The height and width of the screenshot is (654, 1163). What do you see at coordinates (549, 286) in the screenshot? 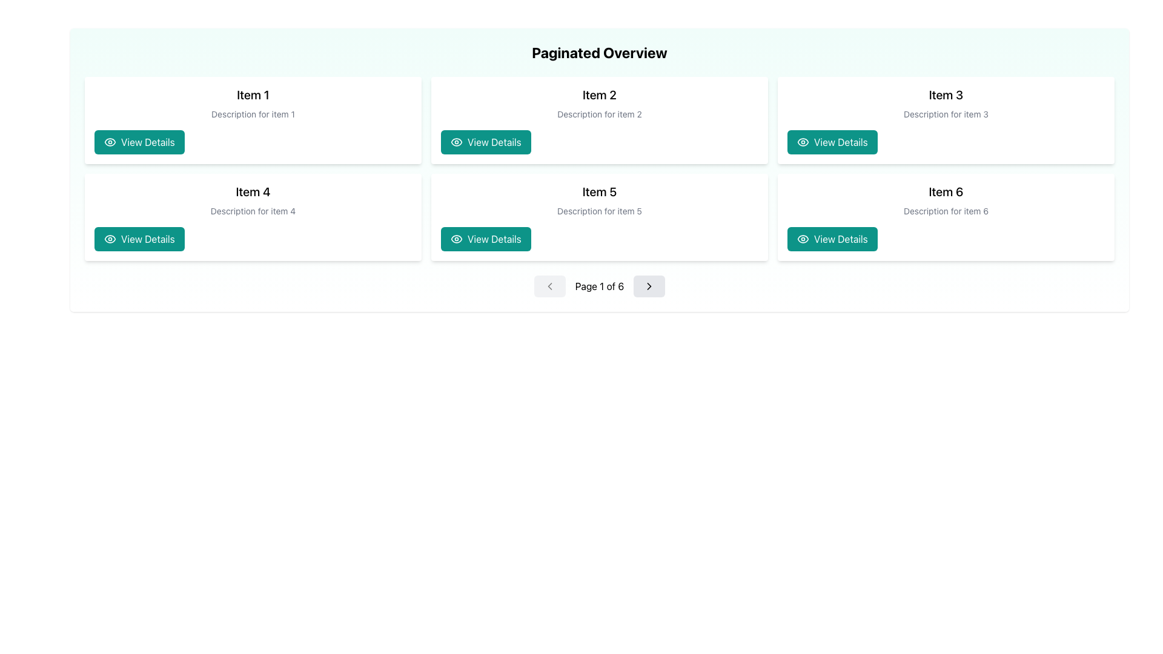
I see `the leftmost Pagination navigation button (icon) with a backward chevron arrow` at bounding box center [549, 286].